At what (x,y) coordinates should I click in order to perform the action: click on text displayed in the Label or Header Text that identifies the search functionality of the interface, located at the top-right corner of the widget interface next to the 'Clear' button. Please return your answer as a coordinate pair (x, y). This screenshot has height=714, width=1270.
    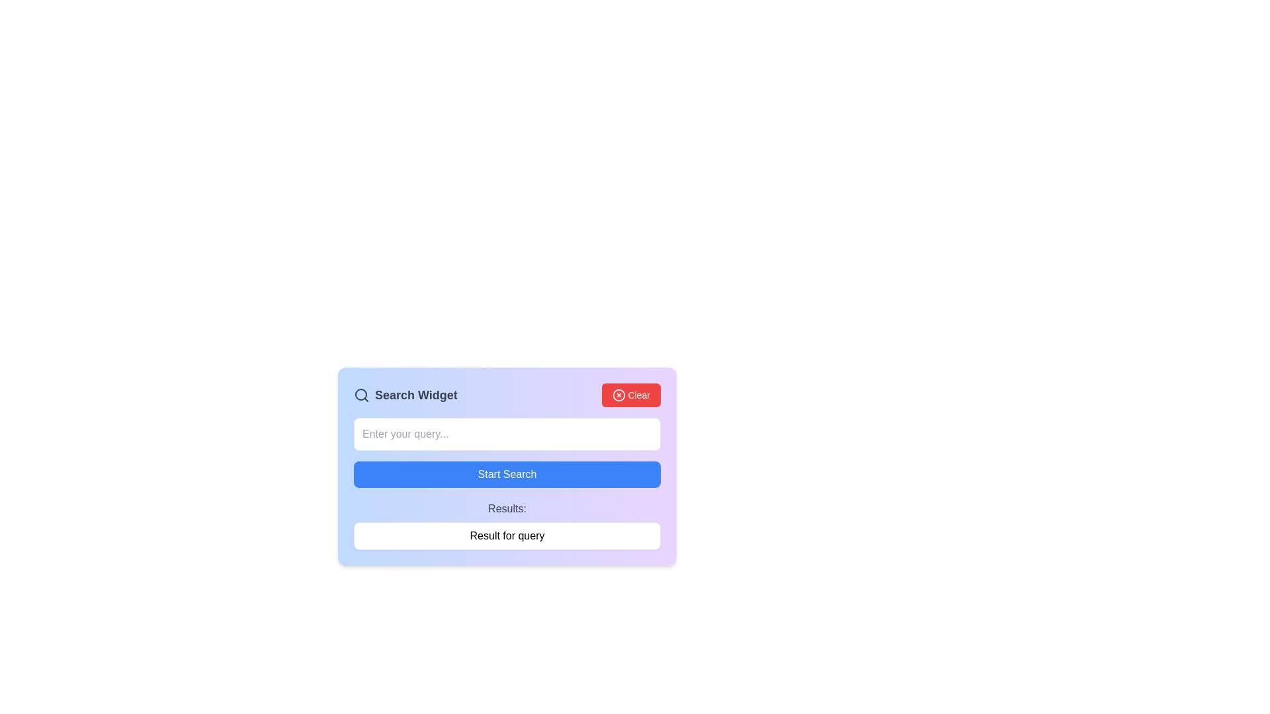
    Looking at the image, I should click on (405, 394).